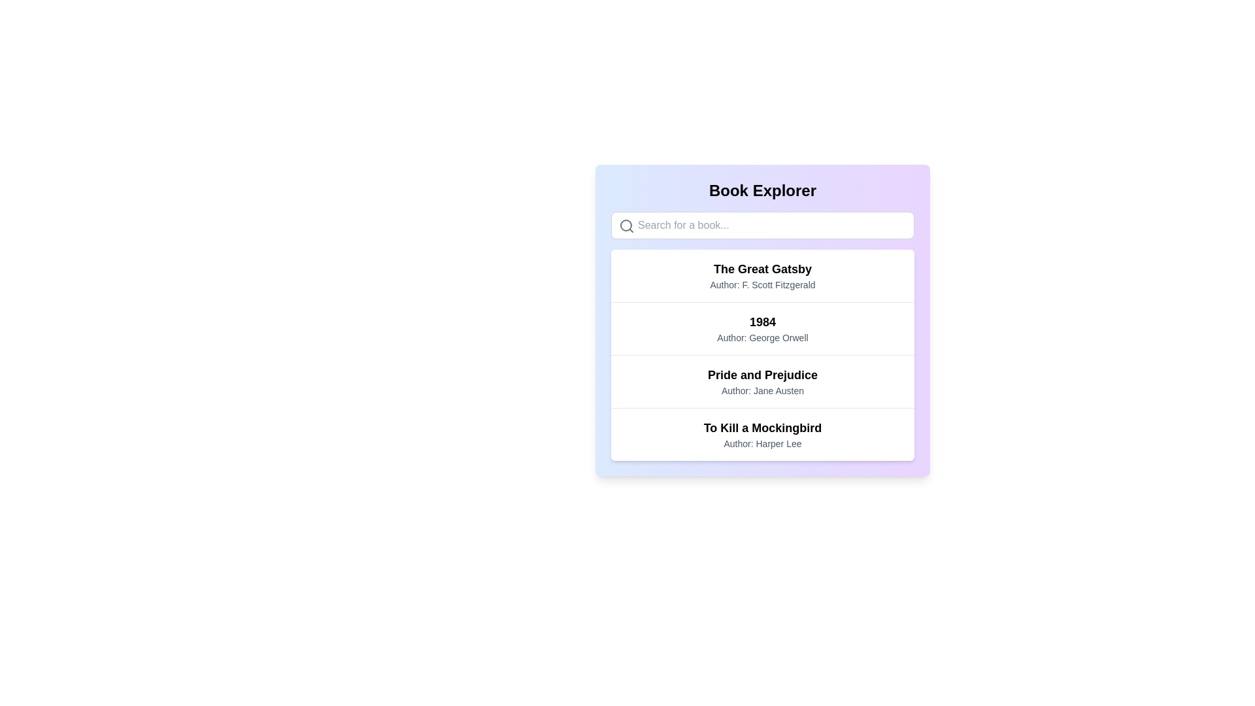 This screenshot has height=706, width=1255. I want to click on the bold text label 'To Kill a Mockingbird' which is prominently positioned above the author detail 'Author: Harper Lee' in the fourth entry of the vertically stacked list of books, so click(762, 428).